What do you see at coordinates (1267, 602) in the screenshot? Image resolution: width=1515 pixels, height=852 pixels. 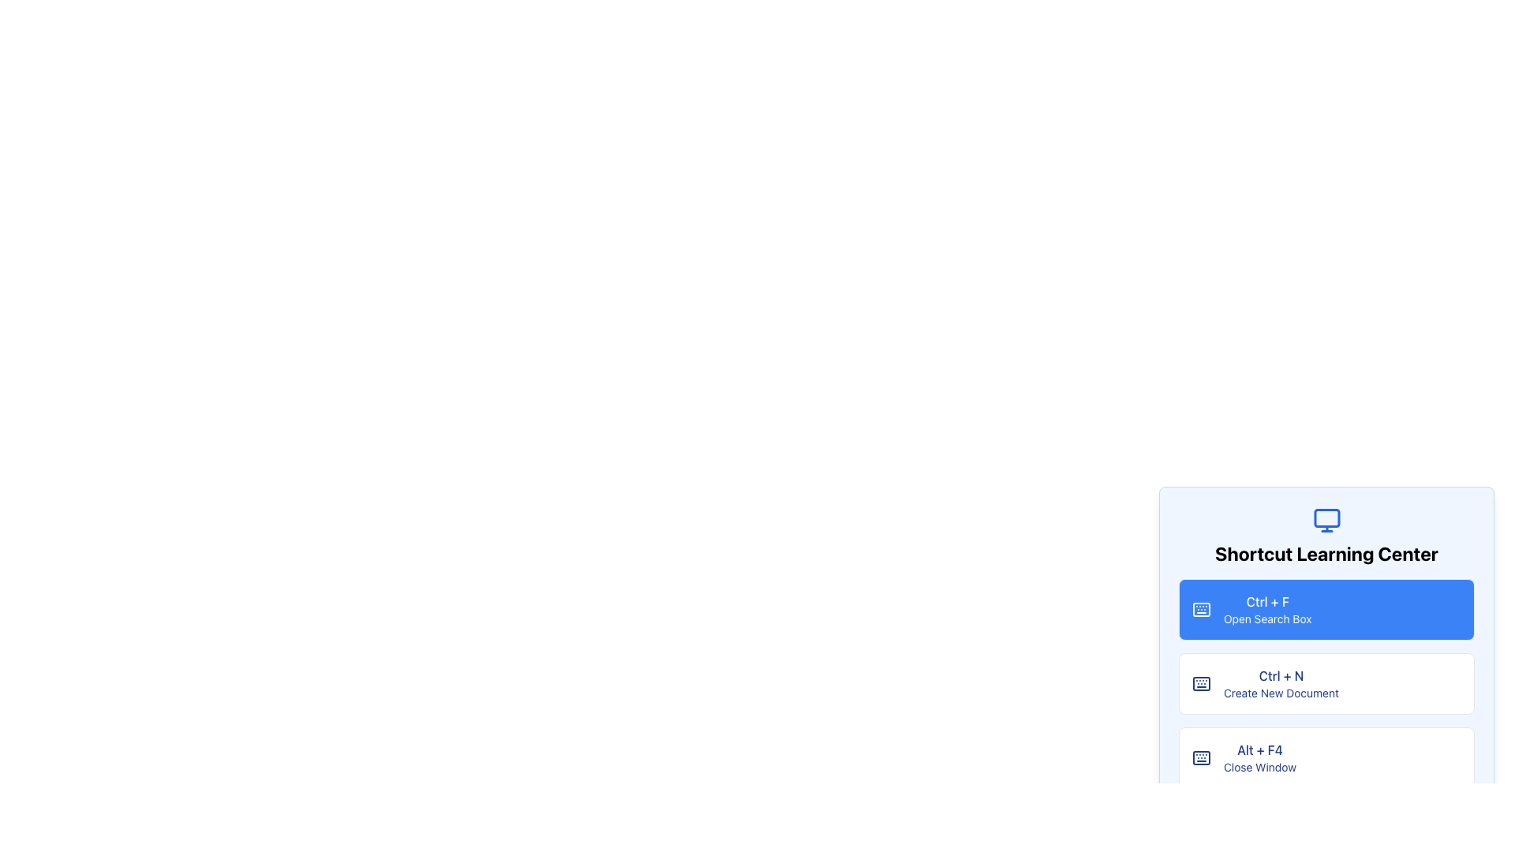 I see `the Text Display element that shows the keyboard shortcut 'Ctrl + F', located at the top of the list item in the Shortcut Learning Center section` at bounding box center [1267, 602].